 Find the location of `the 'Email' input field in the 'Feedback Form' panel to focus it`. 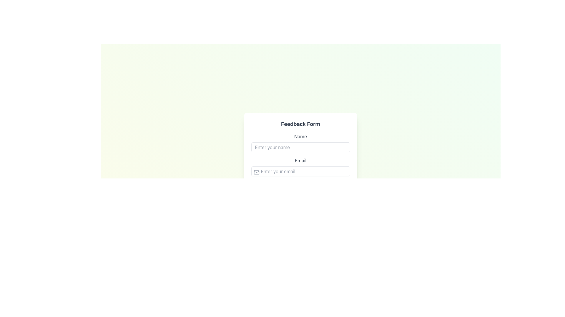

the 'Email' input field in the 'Feedback Form' panel to focus it is located at coordinates (300, 166).